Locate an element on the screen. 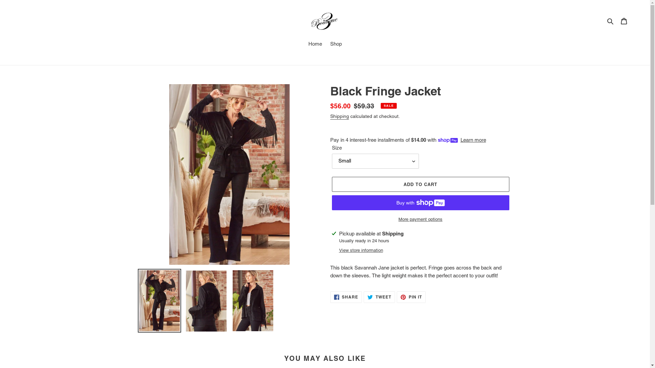 This screenshot has width=655, height=368. 'View store information' is located at coordinates (361, 250).